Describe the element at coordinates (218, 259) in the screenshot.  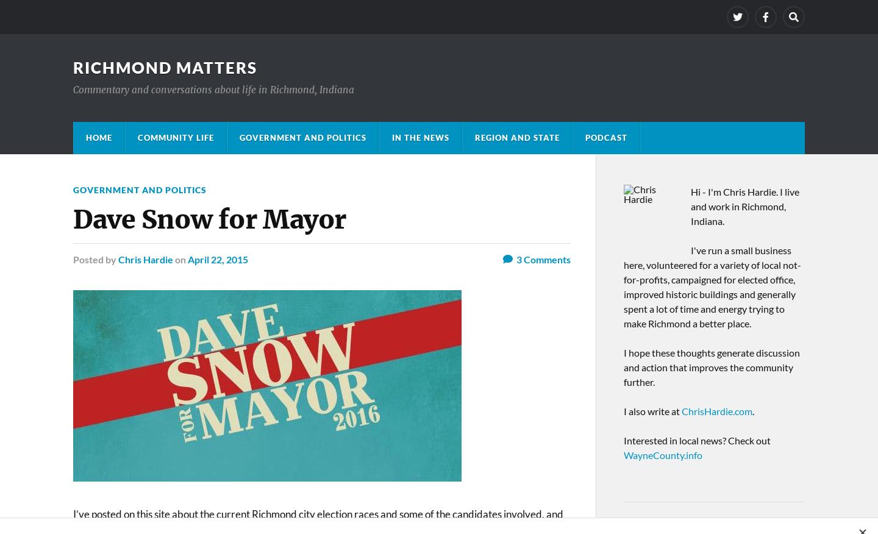
I see `'April 22, 2015'` at that location.